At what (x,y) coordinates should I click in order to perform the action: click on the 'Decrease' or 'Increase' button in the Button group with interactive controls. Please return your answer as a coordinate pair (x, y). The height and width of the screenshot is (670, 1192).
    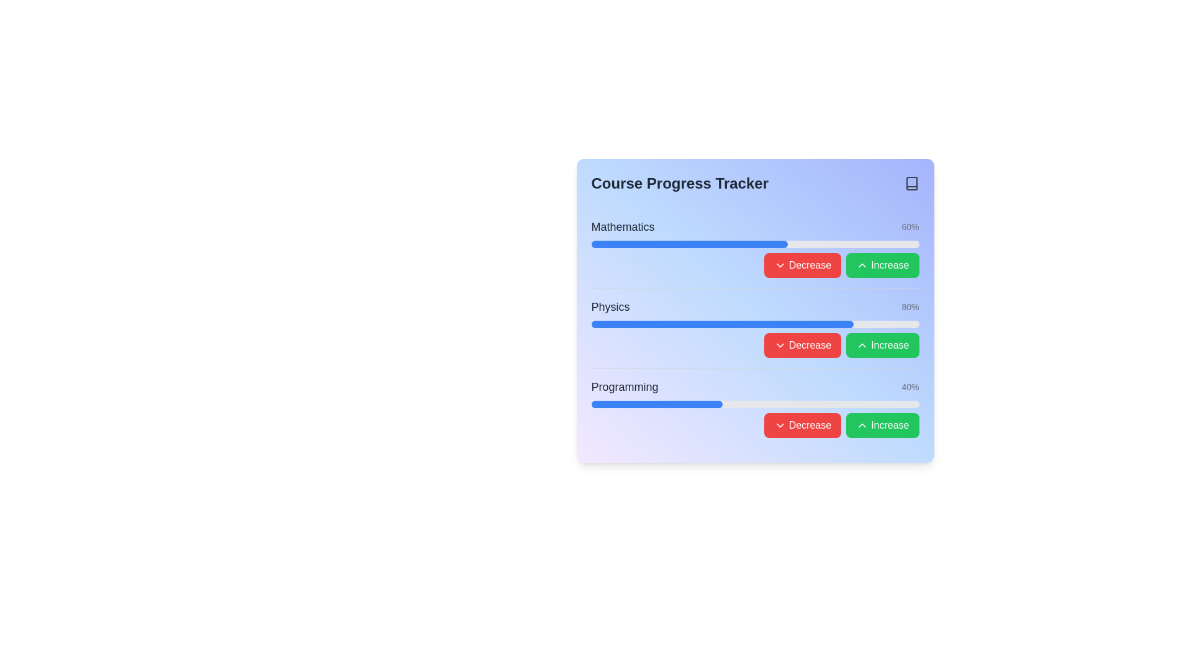
    Looking at the image, I should click on (754, 265).